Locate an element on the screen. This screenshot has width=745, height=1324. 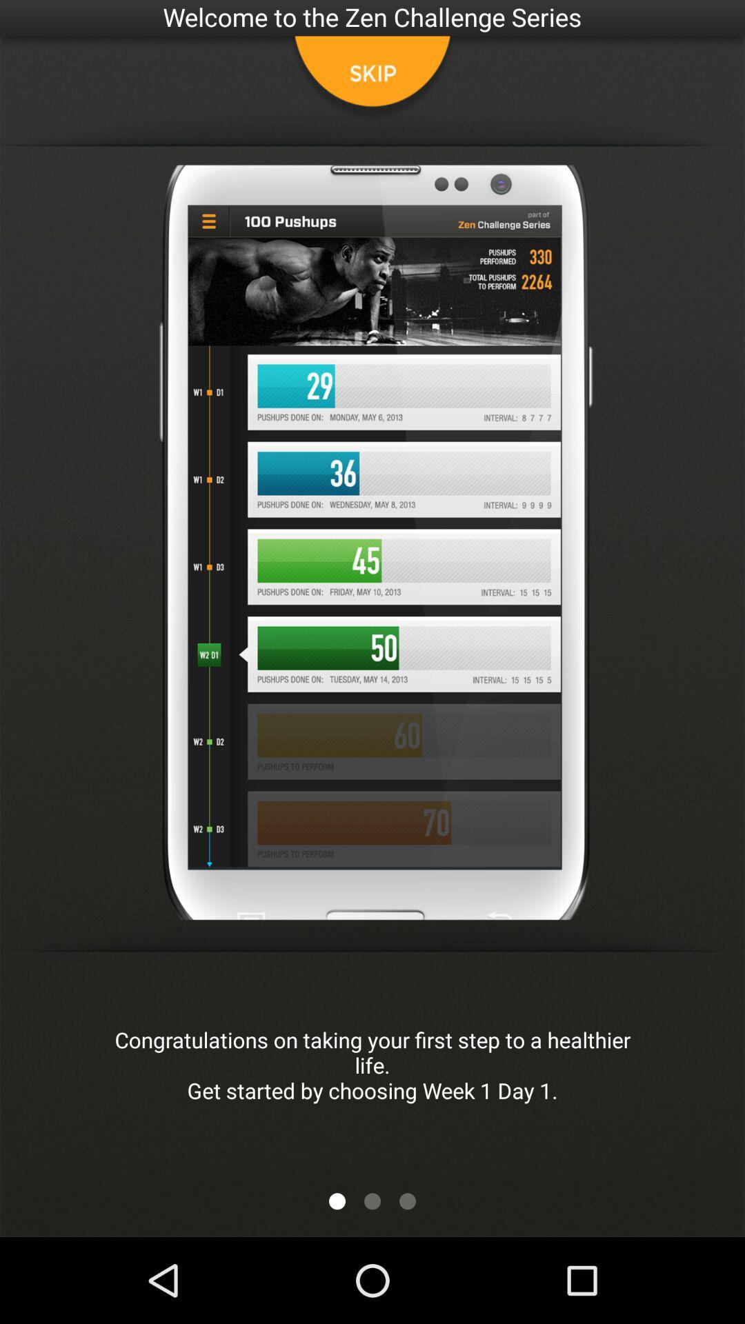
the app below congratulations on taking icon is located at coordinates (337, 1201).